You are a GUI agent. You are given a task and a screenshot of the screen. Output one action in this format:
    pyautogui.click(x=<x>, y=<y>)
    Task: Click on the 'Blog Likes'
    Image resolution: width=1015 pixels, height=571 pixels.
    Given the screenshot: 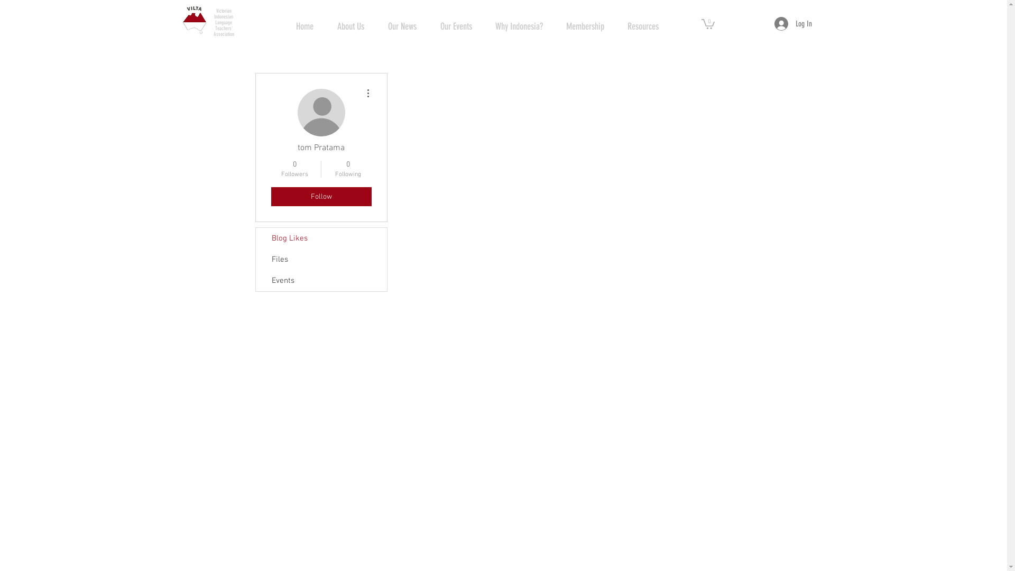 What is the action you would take?
    pyautogui.click(x=321, y=238)
    